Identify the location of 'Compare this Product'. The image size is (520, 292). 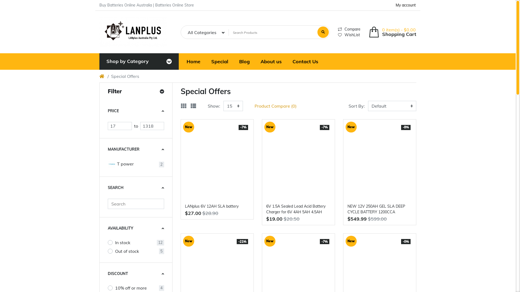
(316, 228).